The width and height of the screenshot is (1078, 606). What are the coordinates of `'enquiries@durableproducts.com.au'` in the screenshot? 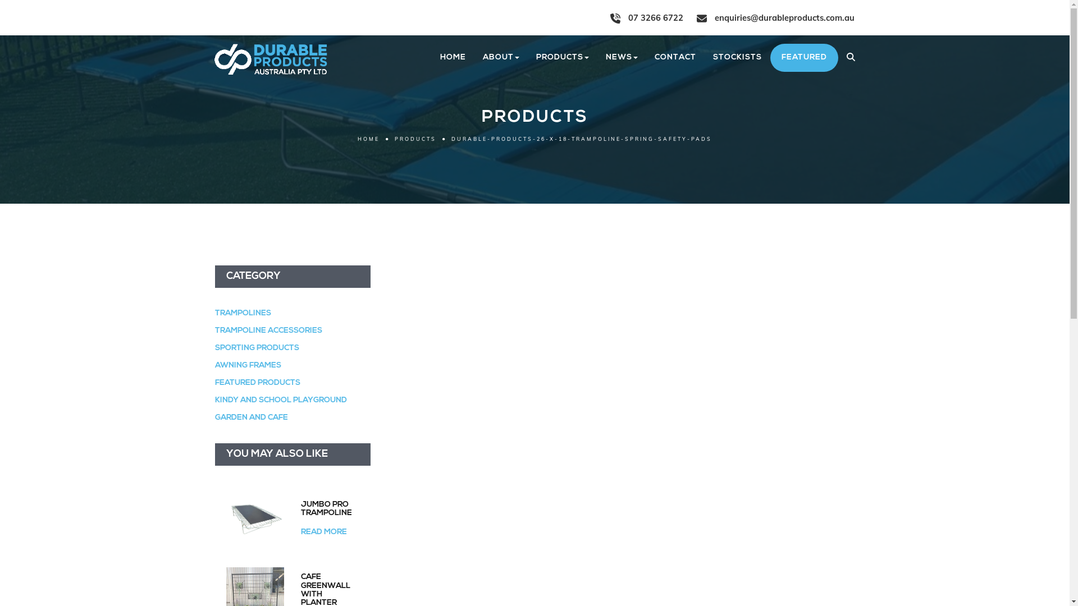 It's located at (774, 17).